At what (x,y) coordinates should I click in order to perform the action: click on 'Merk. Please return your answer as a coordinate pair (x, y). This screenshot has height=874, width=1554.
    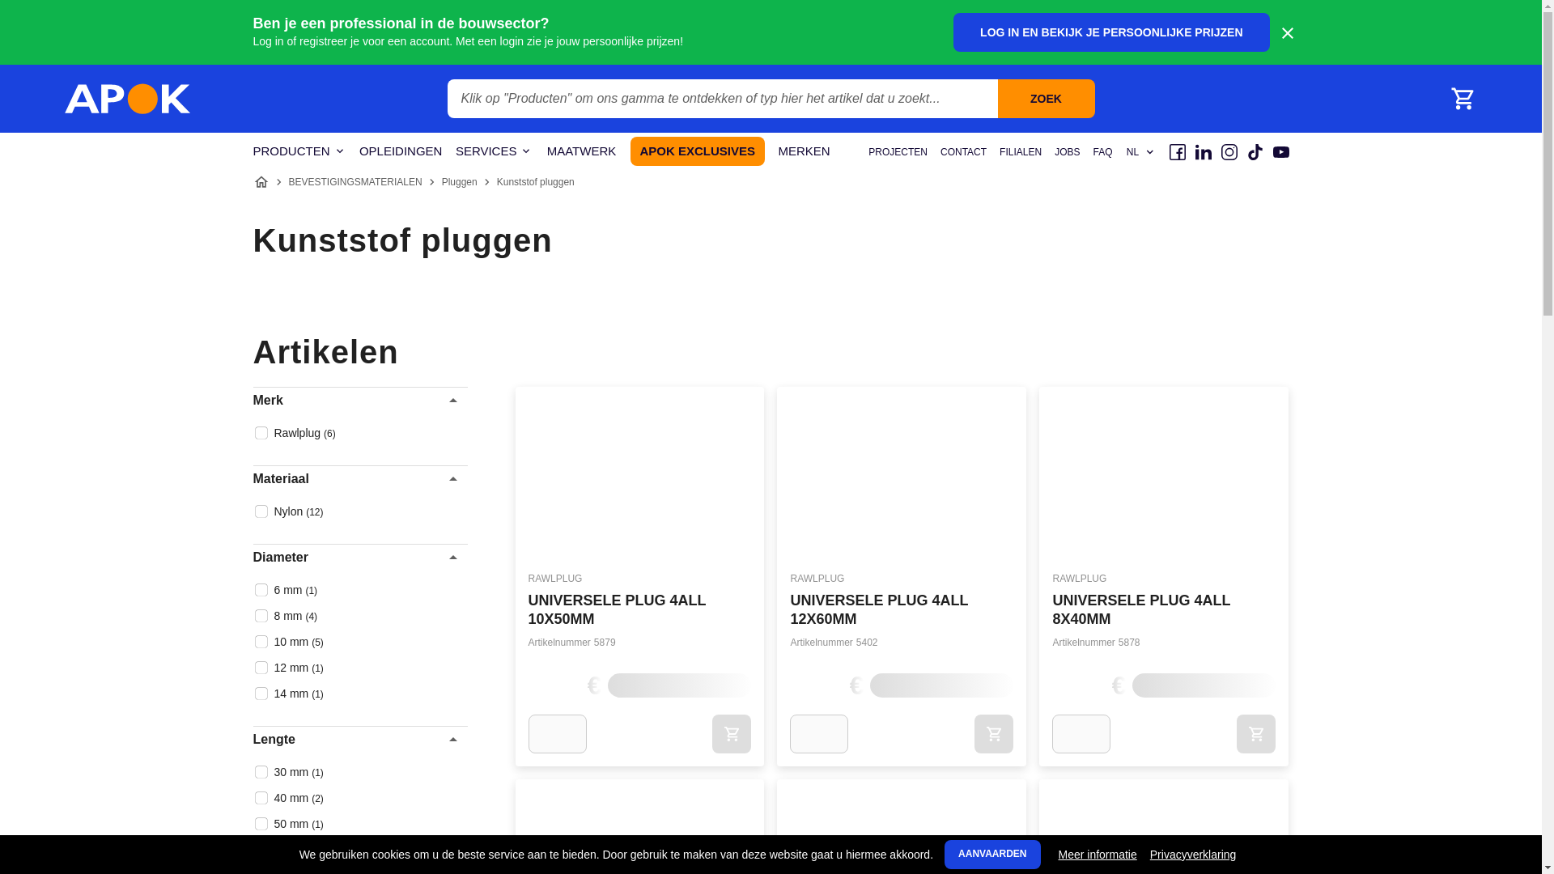
    Looking at the image, I should click on (359, 400).